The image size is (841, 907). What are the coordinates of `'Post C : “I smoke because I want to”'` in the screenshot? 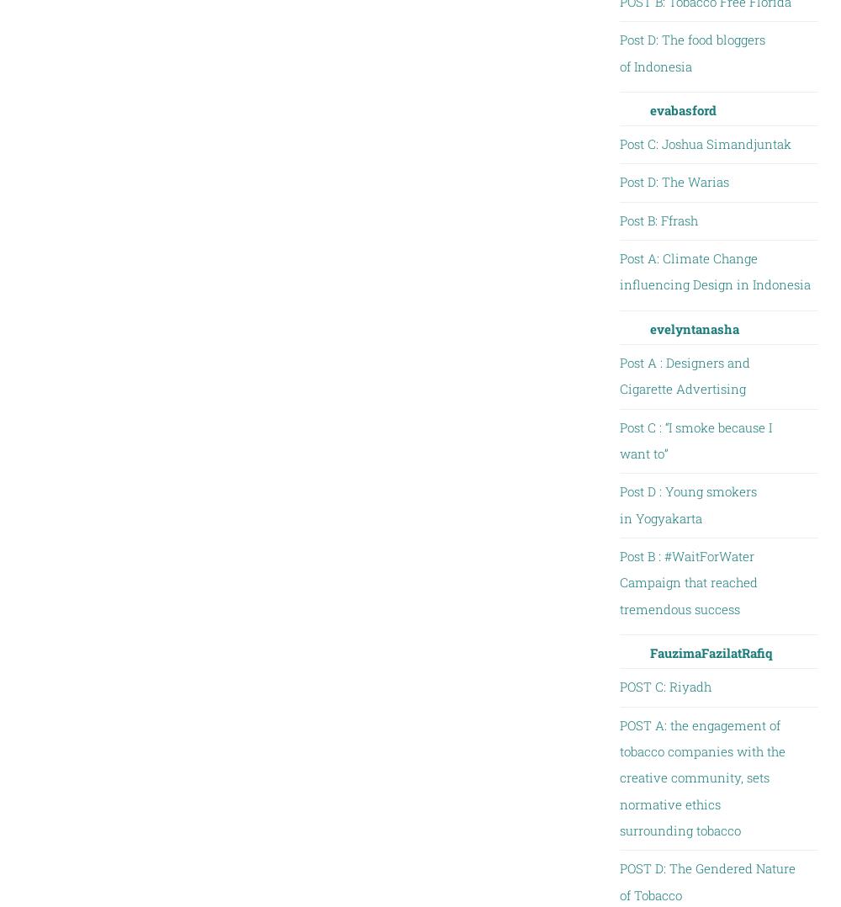 It's located at (694, 439).